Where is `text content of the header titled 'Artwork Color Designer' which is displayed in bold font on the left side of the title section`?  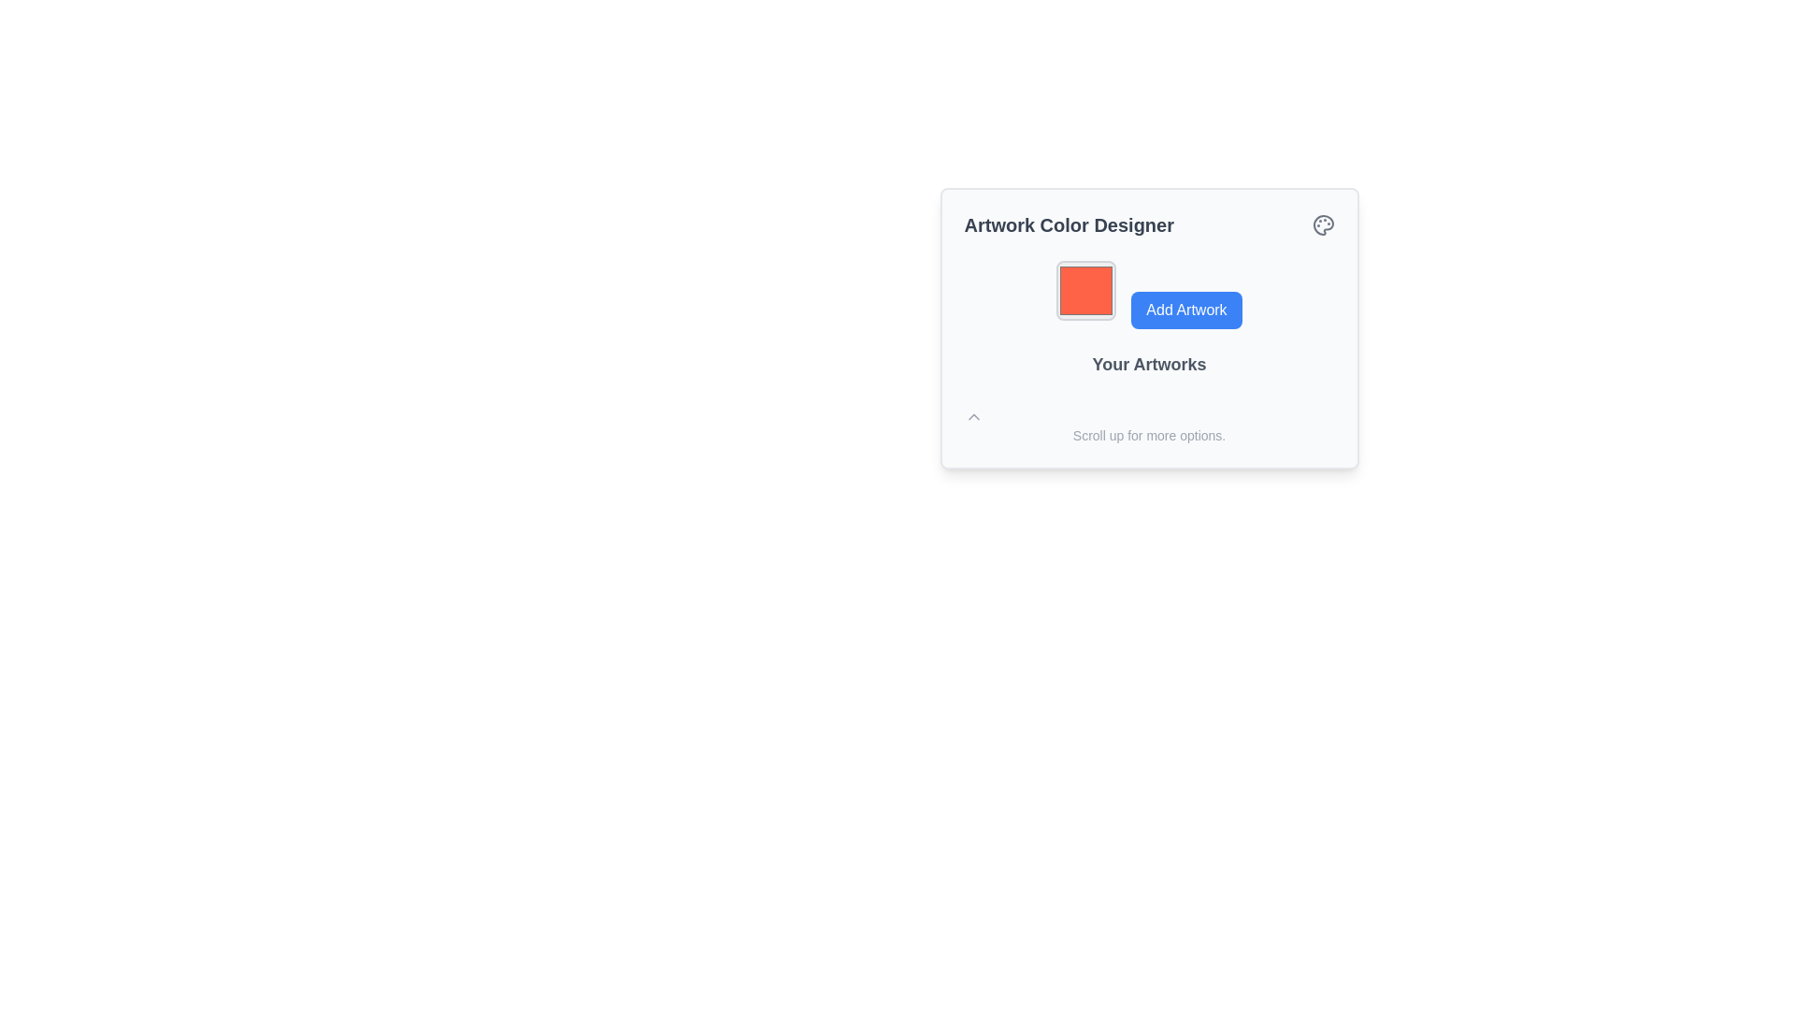
text content of the header titled 'Artwork Color Designer' which is displayed in bold font on the left side of the title section is located at coordinates (1148, 224).